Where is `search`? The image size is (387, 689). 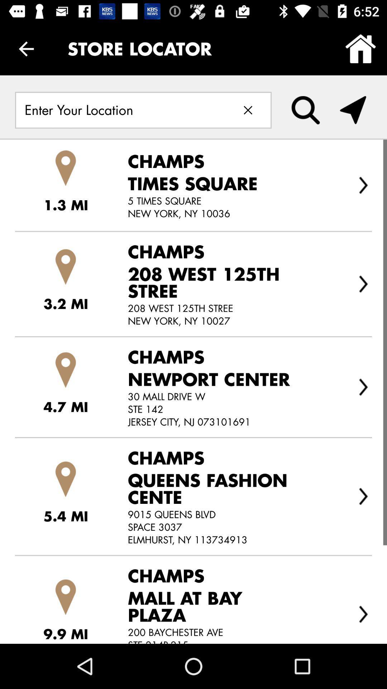
search is located at coordinates (306, 110).